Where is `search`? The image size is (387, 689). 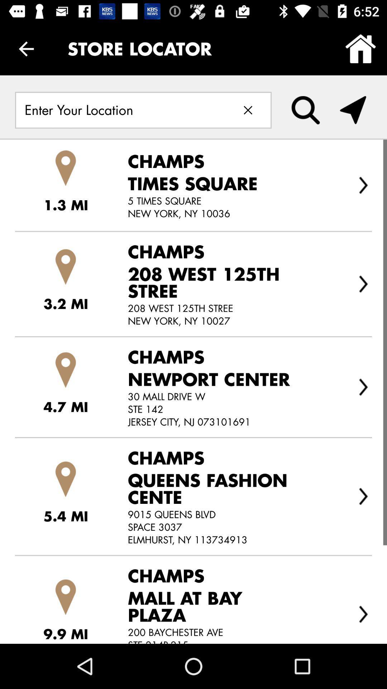
search is located at coordinates (306, 110).